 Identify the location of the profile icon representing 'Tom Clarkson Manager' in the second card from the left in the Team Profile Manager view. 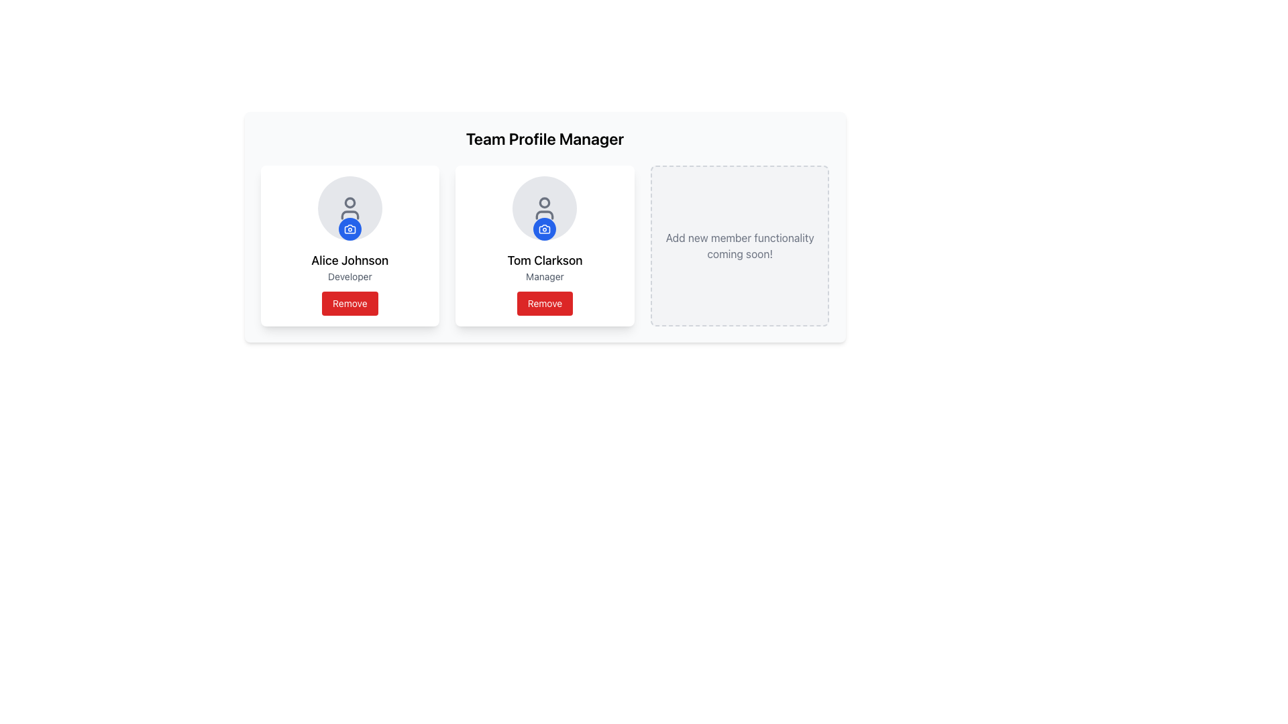
(545, 208).